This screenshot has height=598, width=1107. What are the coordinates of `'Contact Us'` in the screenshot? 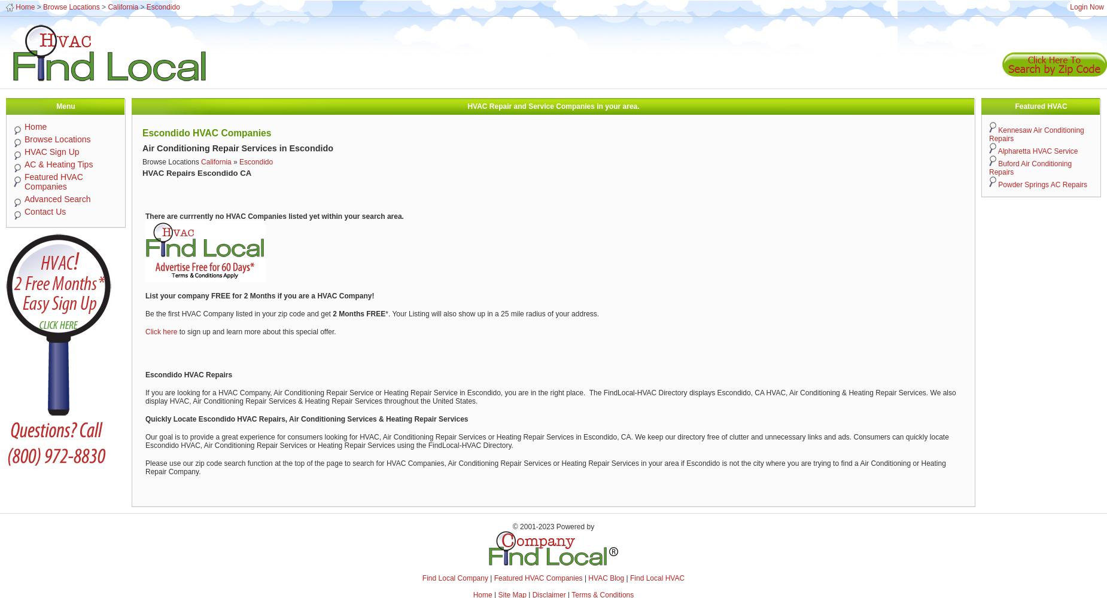 It's located at (44, 211).